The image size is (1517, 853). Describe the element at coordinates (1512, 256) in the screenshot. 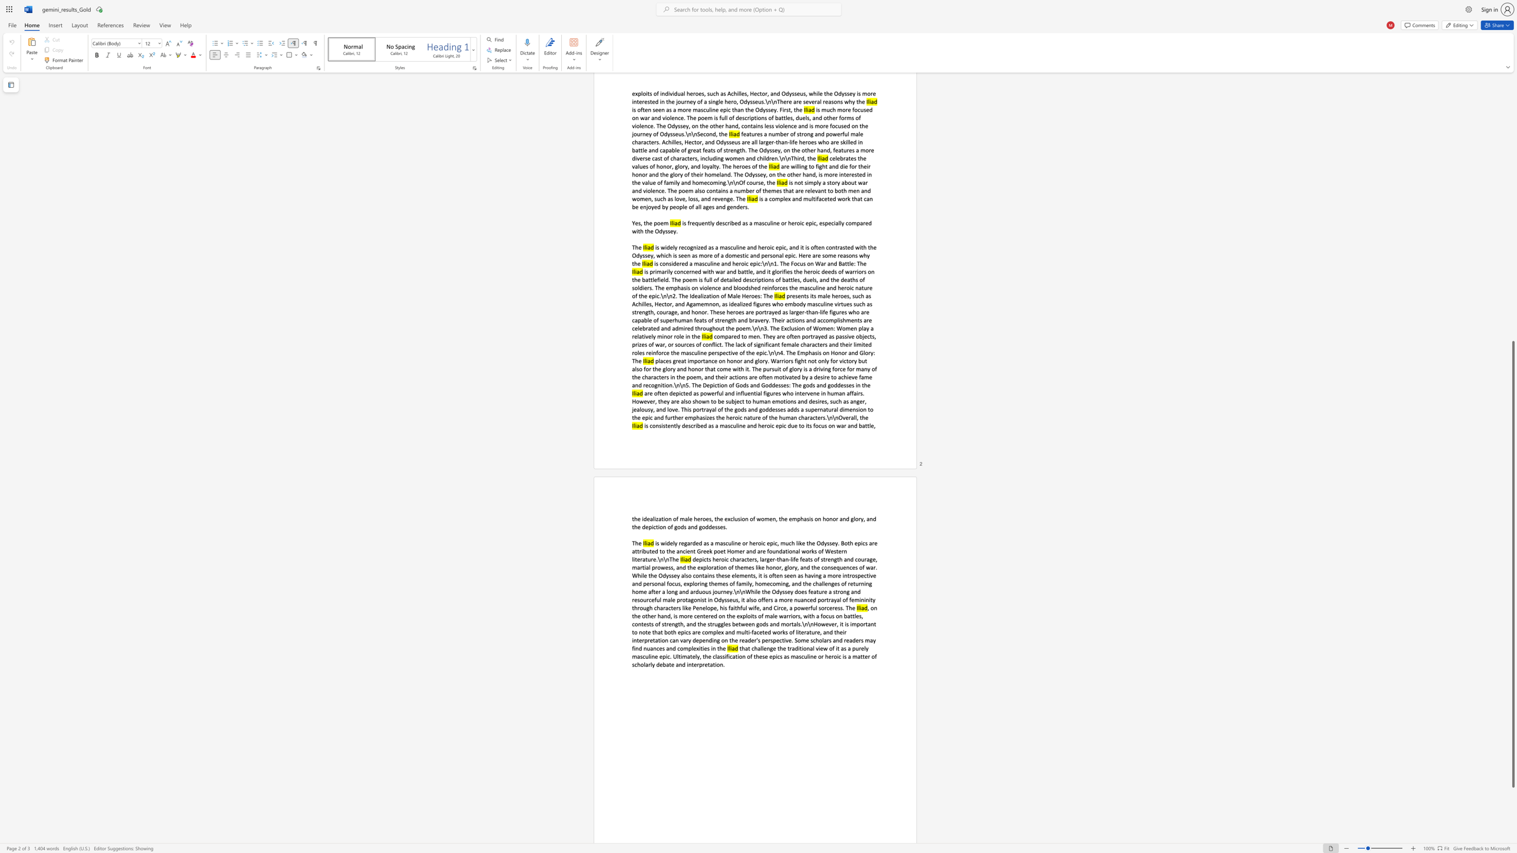

I see `the scrollbar to move the content higher` at that location.